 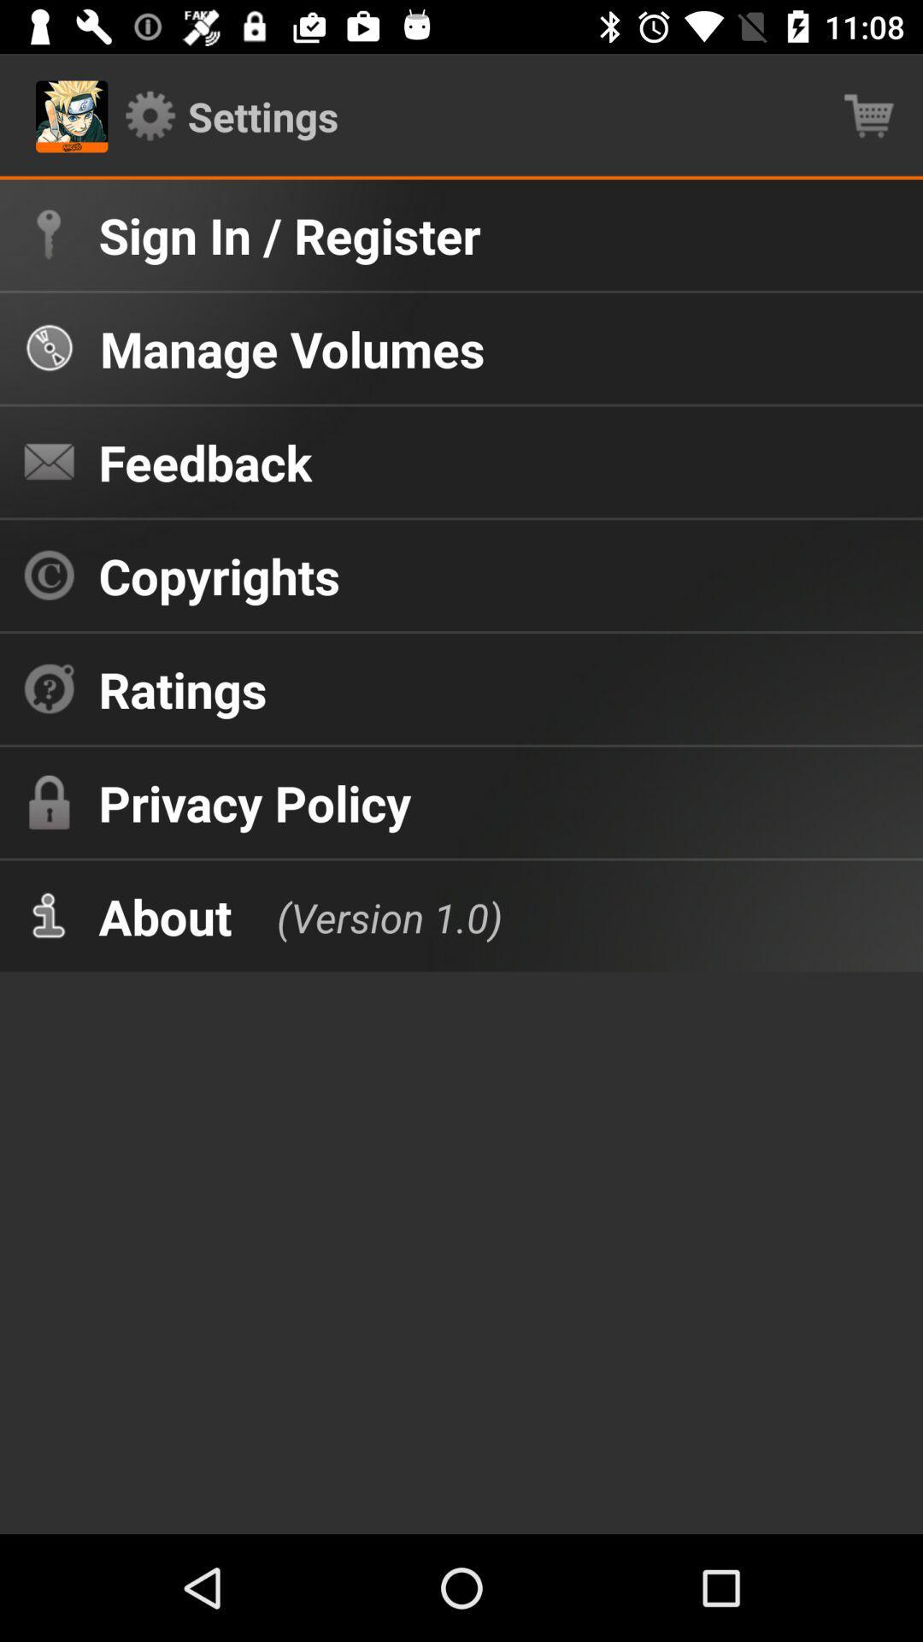 What do you see at coordinates (204, 462) in the screenshot?
I see `item below the manage volumes` at bounding box center [204, 462].